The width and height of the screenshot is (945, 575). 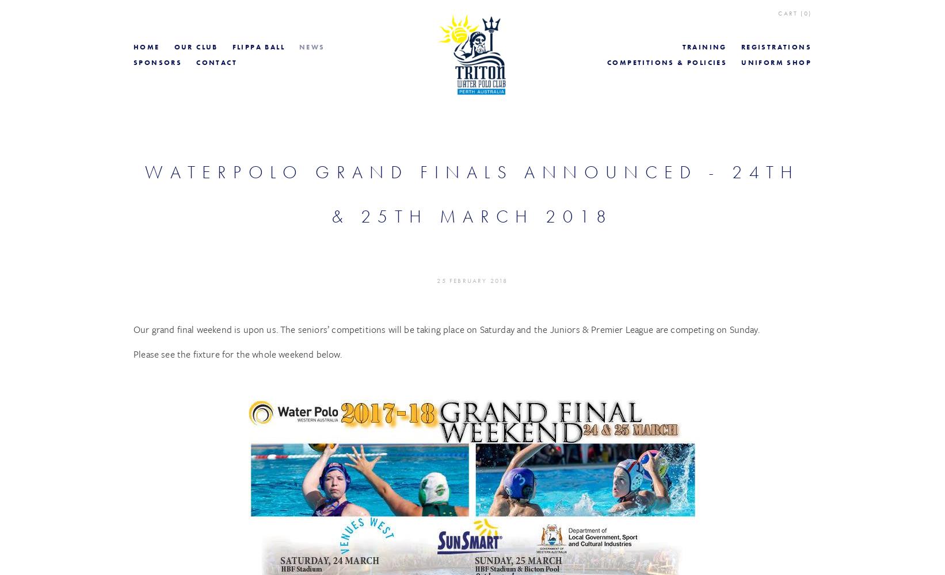 What do you see at coordinates (471, 193) in the screenshot?
I see `'Waterpolo Grand finals Announced - 24th & 25th March 2018'` at bounding box center [471, 193].